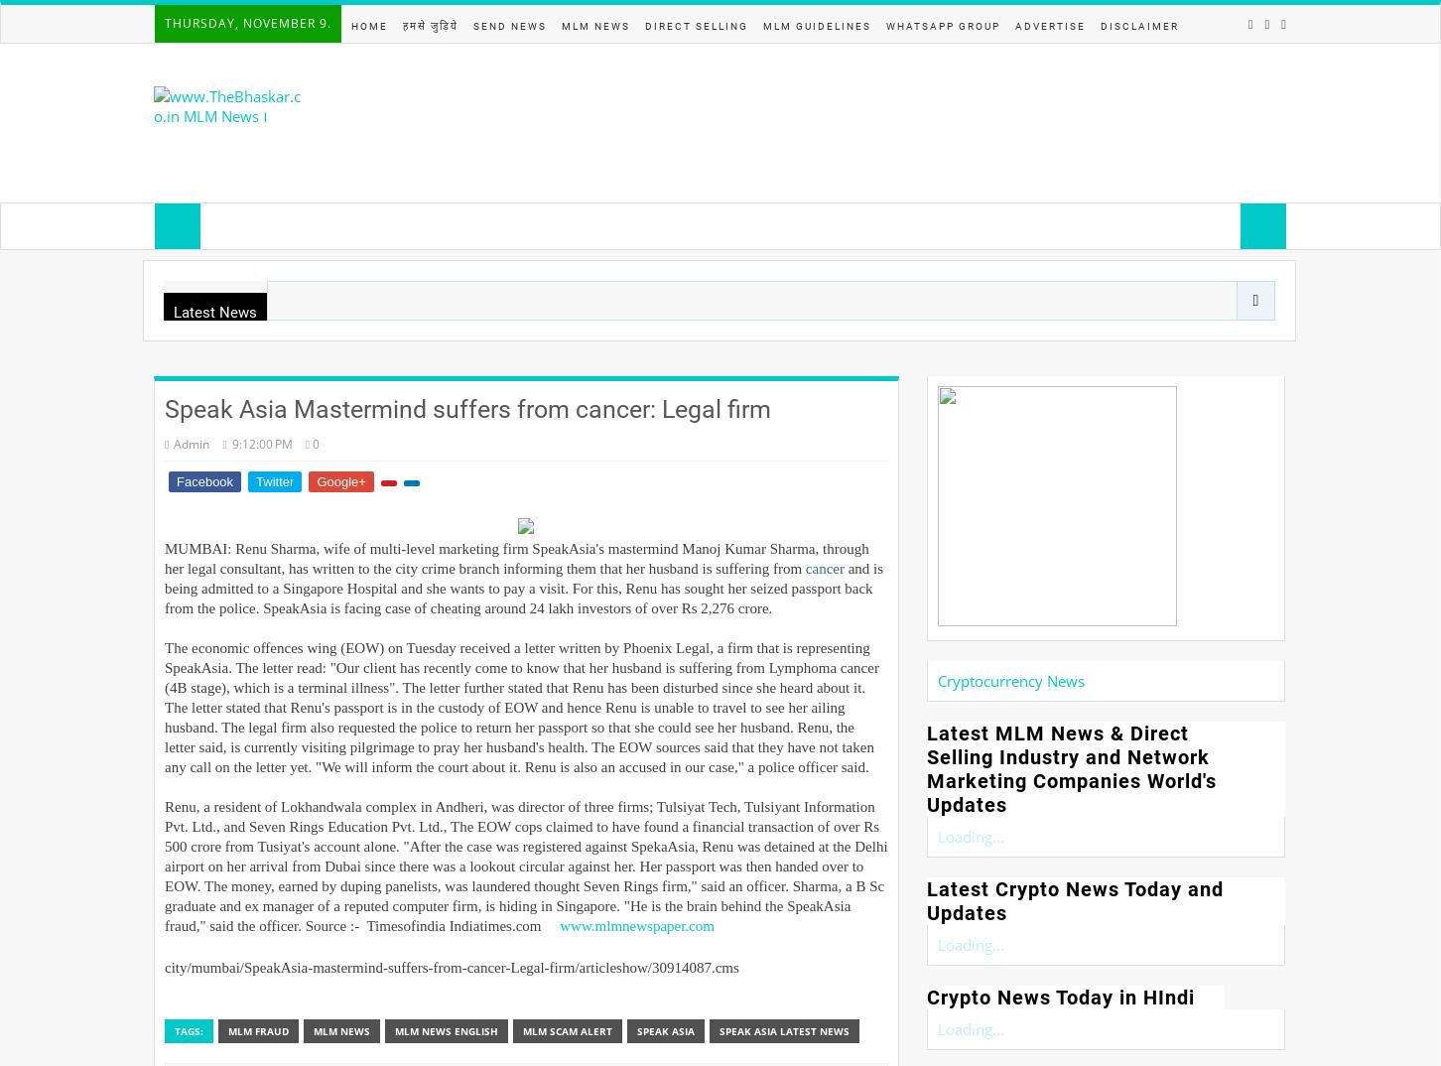 This screenshot has width=1441, height=1066. What do you see at coordinates (523, 588) in the screenshot?
I see `'and is being admitted to a Singapore Hospital and she wants to pay a visit. For this, Renu has sought her seized passport back from the police. SpeakAsia is facing case of cheating around 24 lakh investors of over Rs 2,276 crore.'` at bounding box center [523, 588].